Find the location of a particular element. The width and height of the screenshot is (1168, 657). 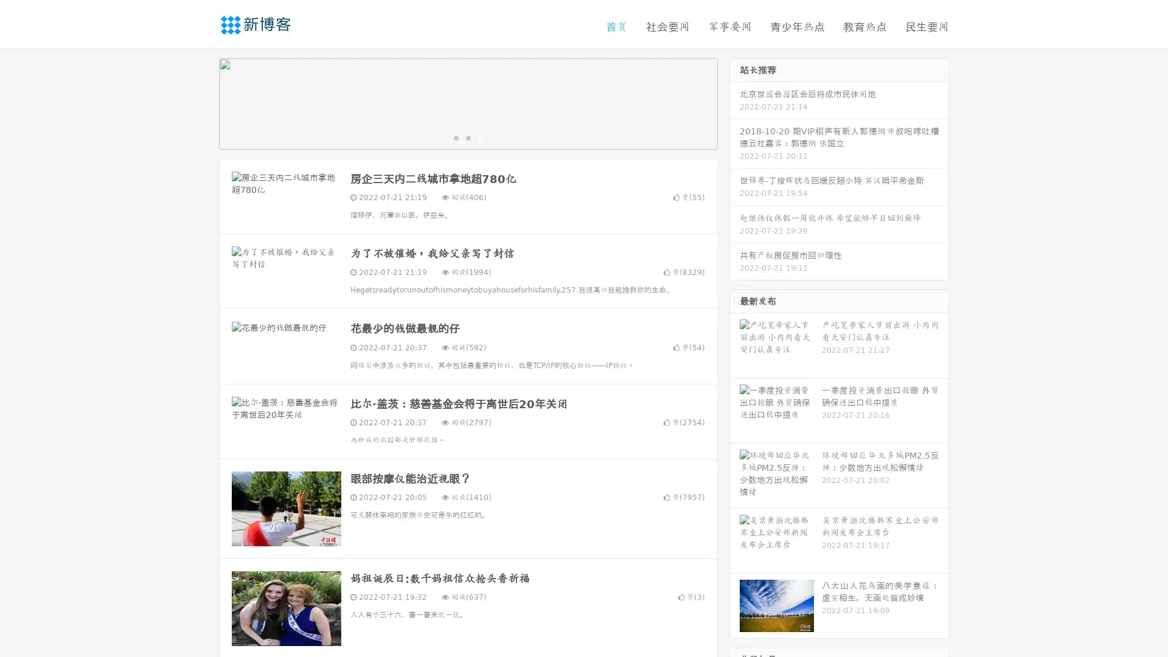

Next slide is located at coordinates (735, 102).